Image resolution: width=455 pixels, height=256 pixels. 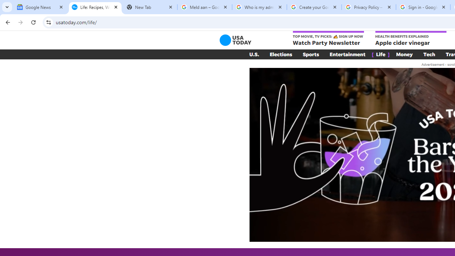 I want to click on 'Sign in - Google Accounts', so click(x=423, y=7).